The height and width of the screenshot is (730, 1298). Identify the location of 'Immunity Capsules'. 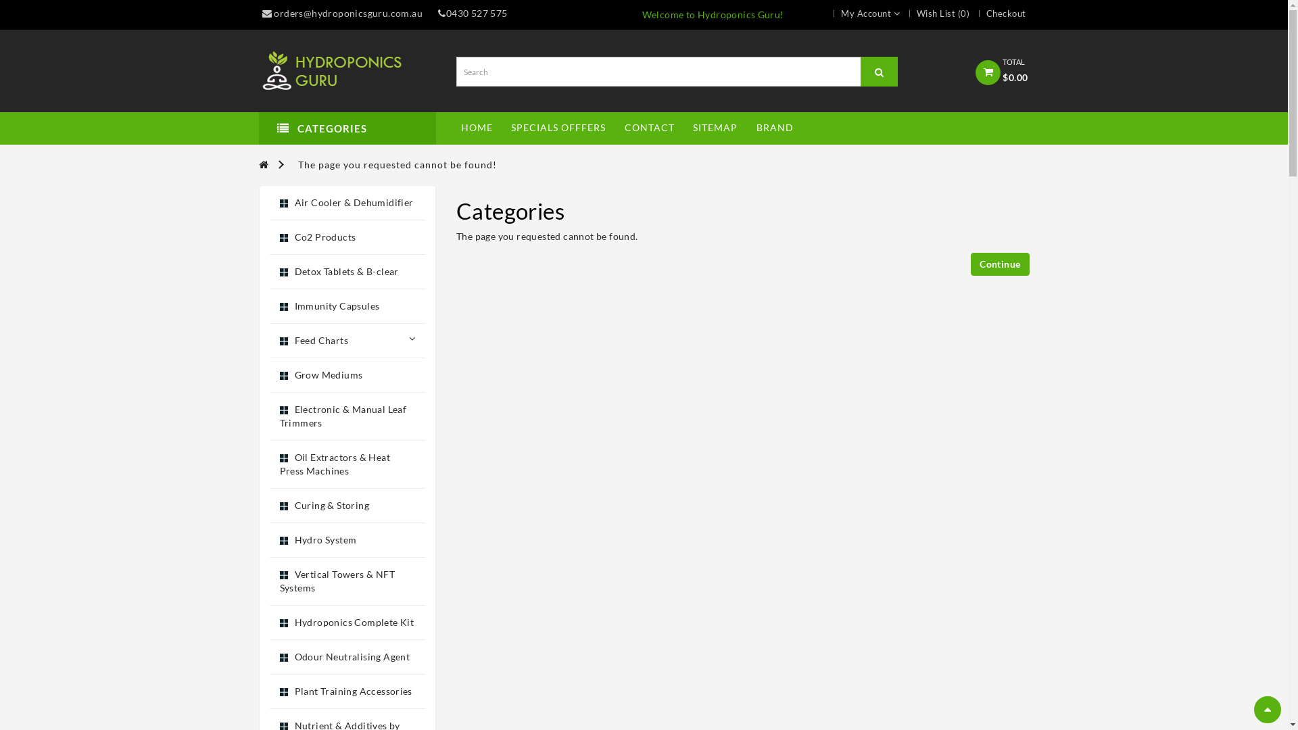
(347, 306).